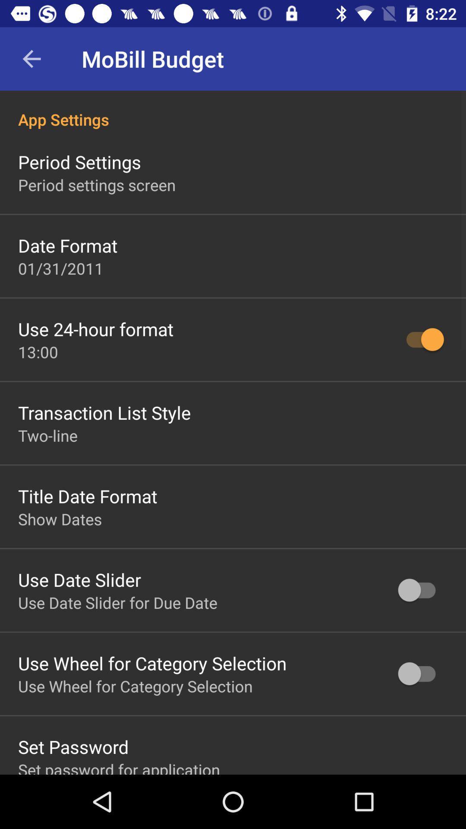 The width and height of the screenshot is (466, 829). I want to click on the icon to the left of mobill budget item, so click(31, 58).